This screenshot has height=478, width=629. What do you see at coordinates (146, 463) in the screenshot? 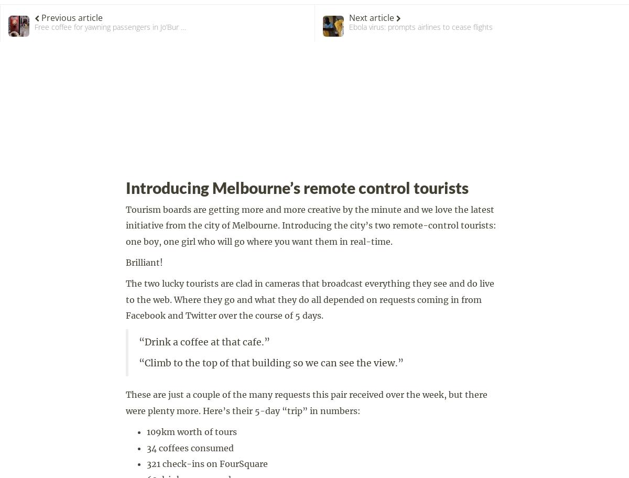
I see `'321 check-ins on FourSquare'` at bounding box center [146, 463].